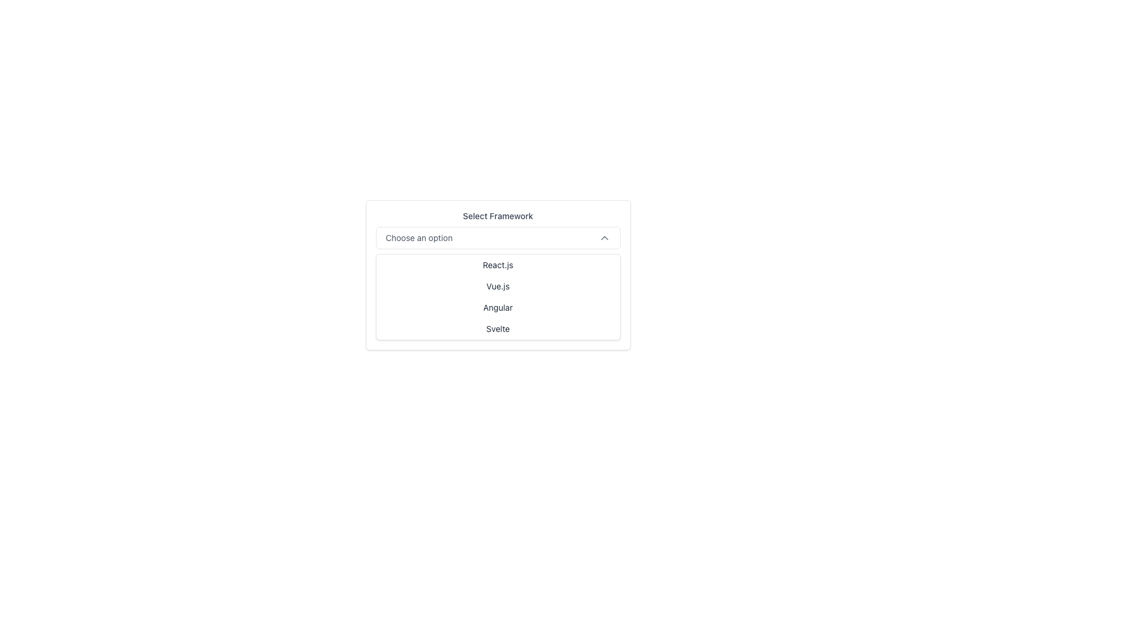  I want to click on the fourth selectable menu item in the dropdown list, so click(498, 328).